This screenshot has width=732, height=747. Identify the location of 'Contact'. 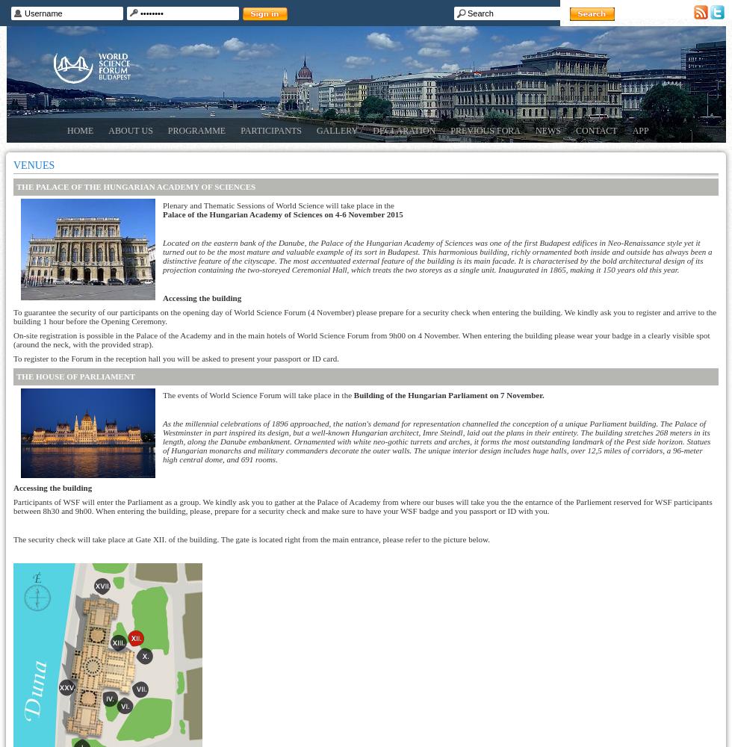
(596, 131).